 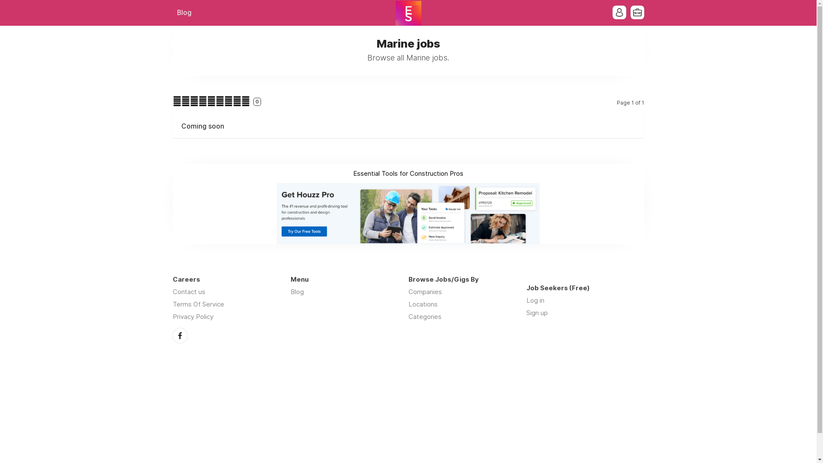 I want to click on 'Log in', so click(x=535, y=300).